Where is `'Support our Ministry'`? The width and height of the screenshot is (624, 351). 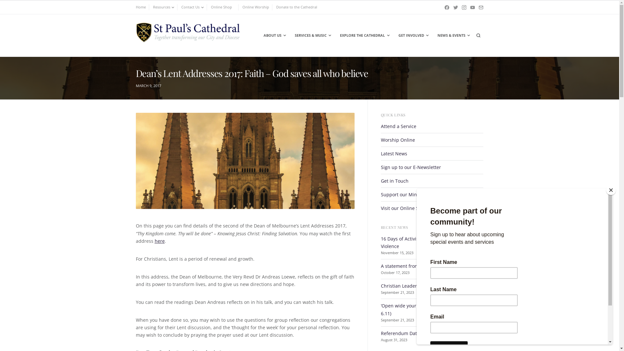
'Support our Ministry' is located at coordinates (403, 194).